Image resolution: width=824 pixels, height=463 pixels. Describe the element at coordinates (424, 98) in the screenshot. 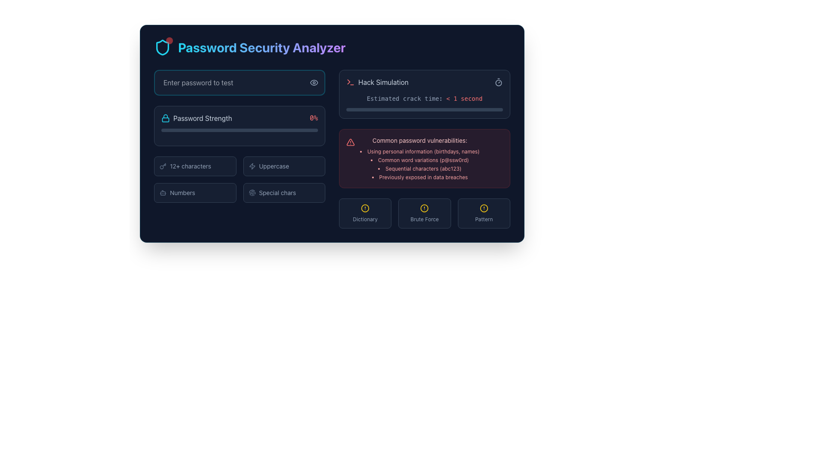

I see `the text display showing 'Estimated crack time: < 1 second' in the 'Password Security Analyzer' interface, which is located below the 'Hack Simulation' section` at that location.